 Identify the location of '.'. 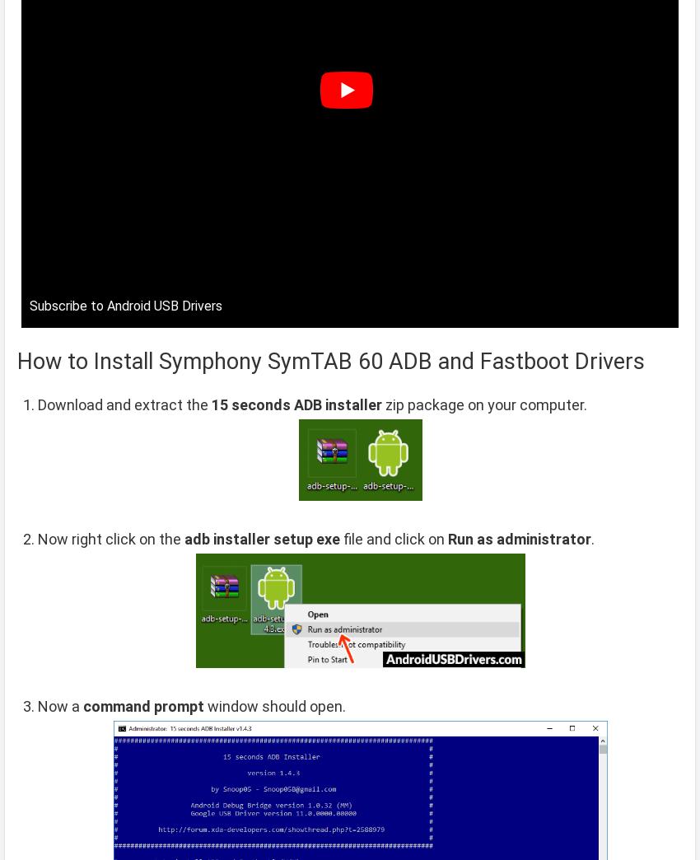
(592, 538).